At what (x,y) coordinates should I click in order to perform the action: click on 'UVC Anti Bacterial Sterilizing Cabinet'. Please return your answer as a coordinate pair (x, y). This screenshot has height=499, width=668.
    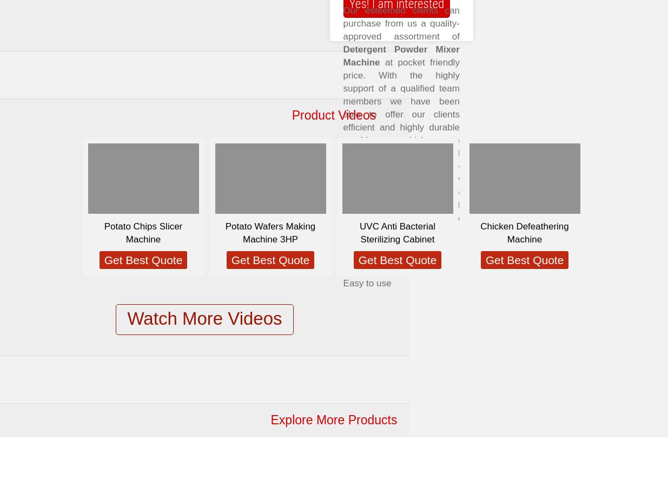
    Looking at the image, I should click on (397, 232).